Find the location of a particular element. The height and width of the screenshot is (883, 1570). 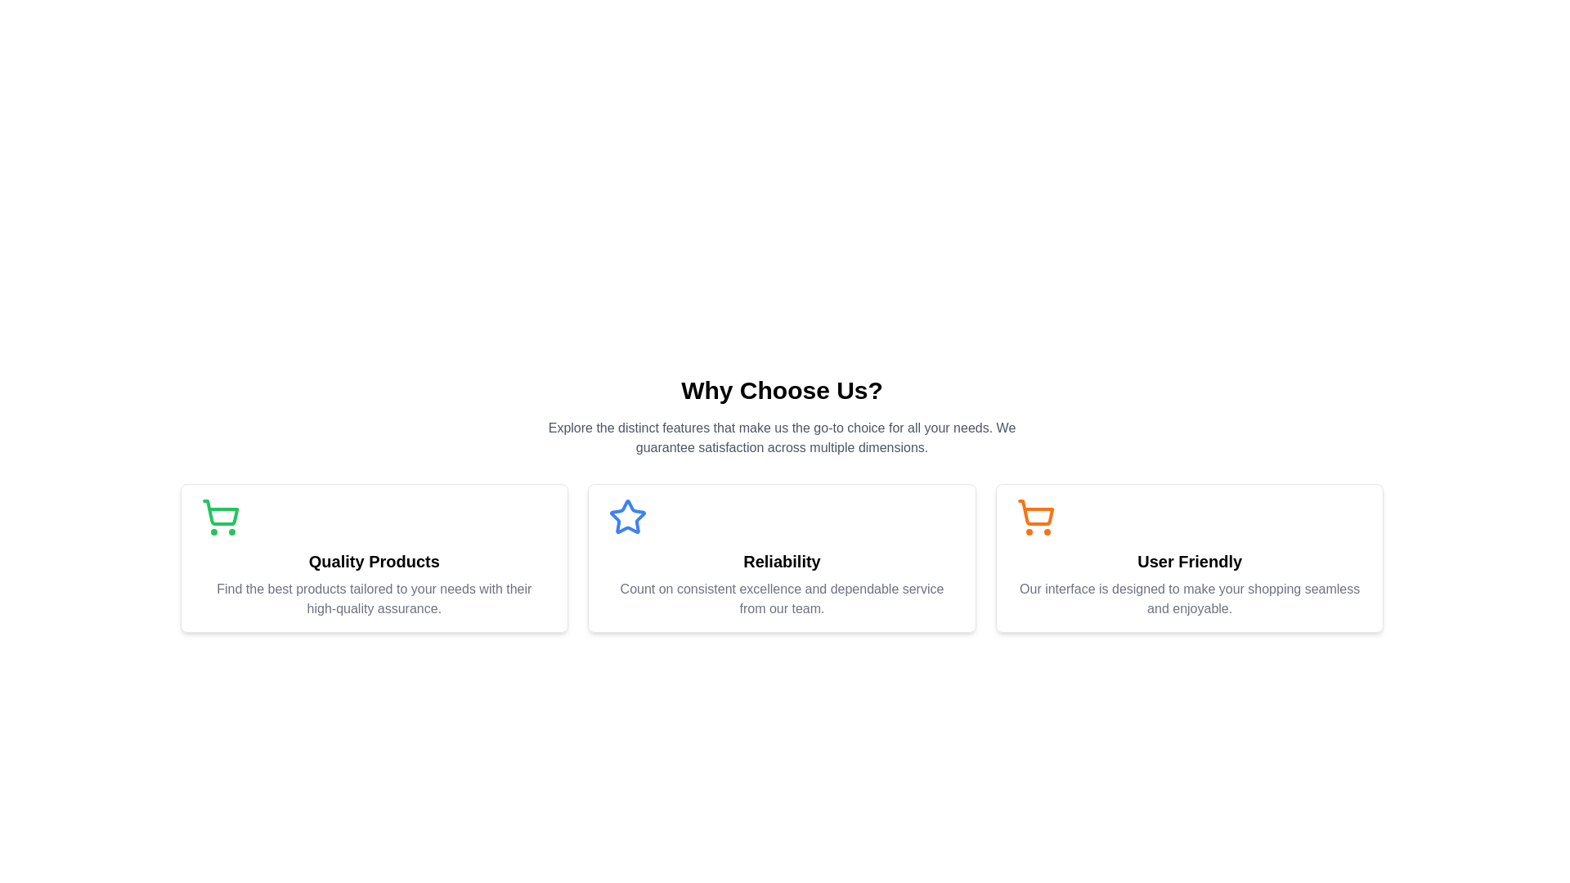

the rightmost Informational card in the three-column grid layout that highlights the usability-focused design of the shopping interface is located at coordinates (1190, 557).